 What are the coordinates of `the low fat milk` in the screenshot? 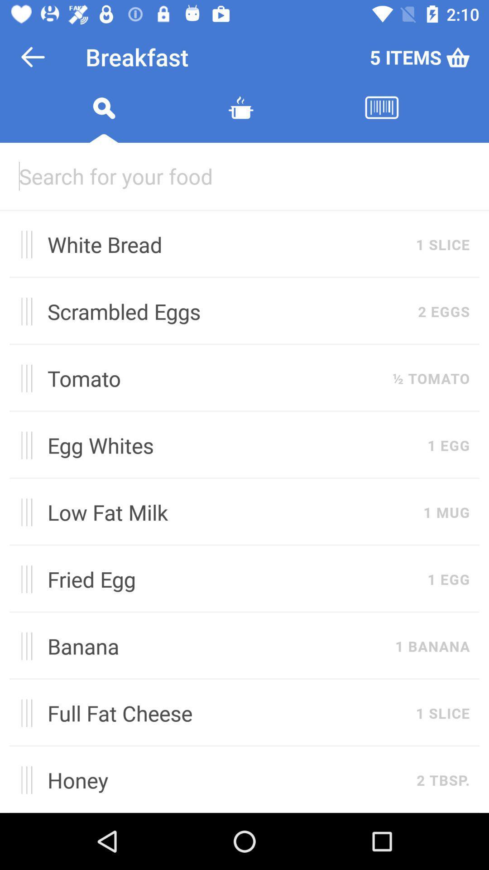 It's located at (230, 512).